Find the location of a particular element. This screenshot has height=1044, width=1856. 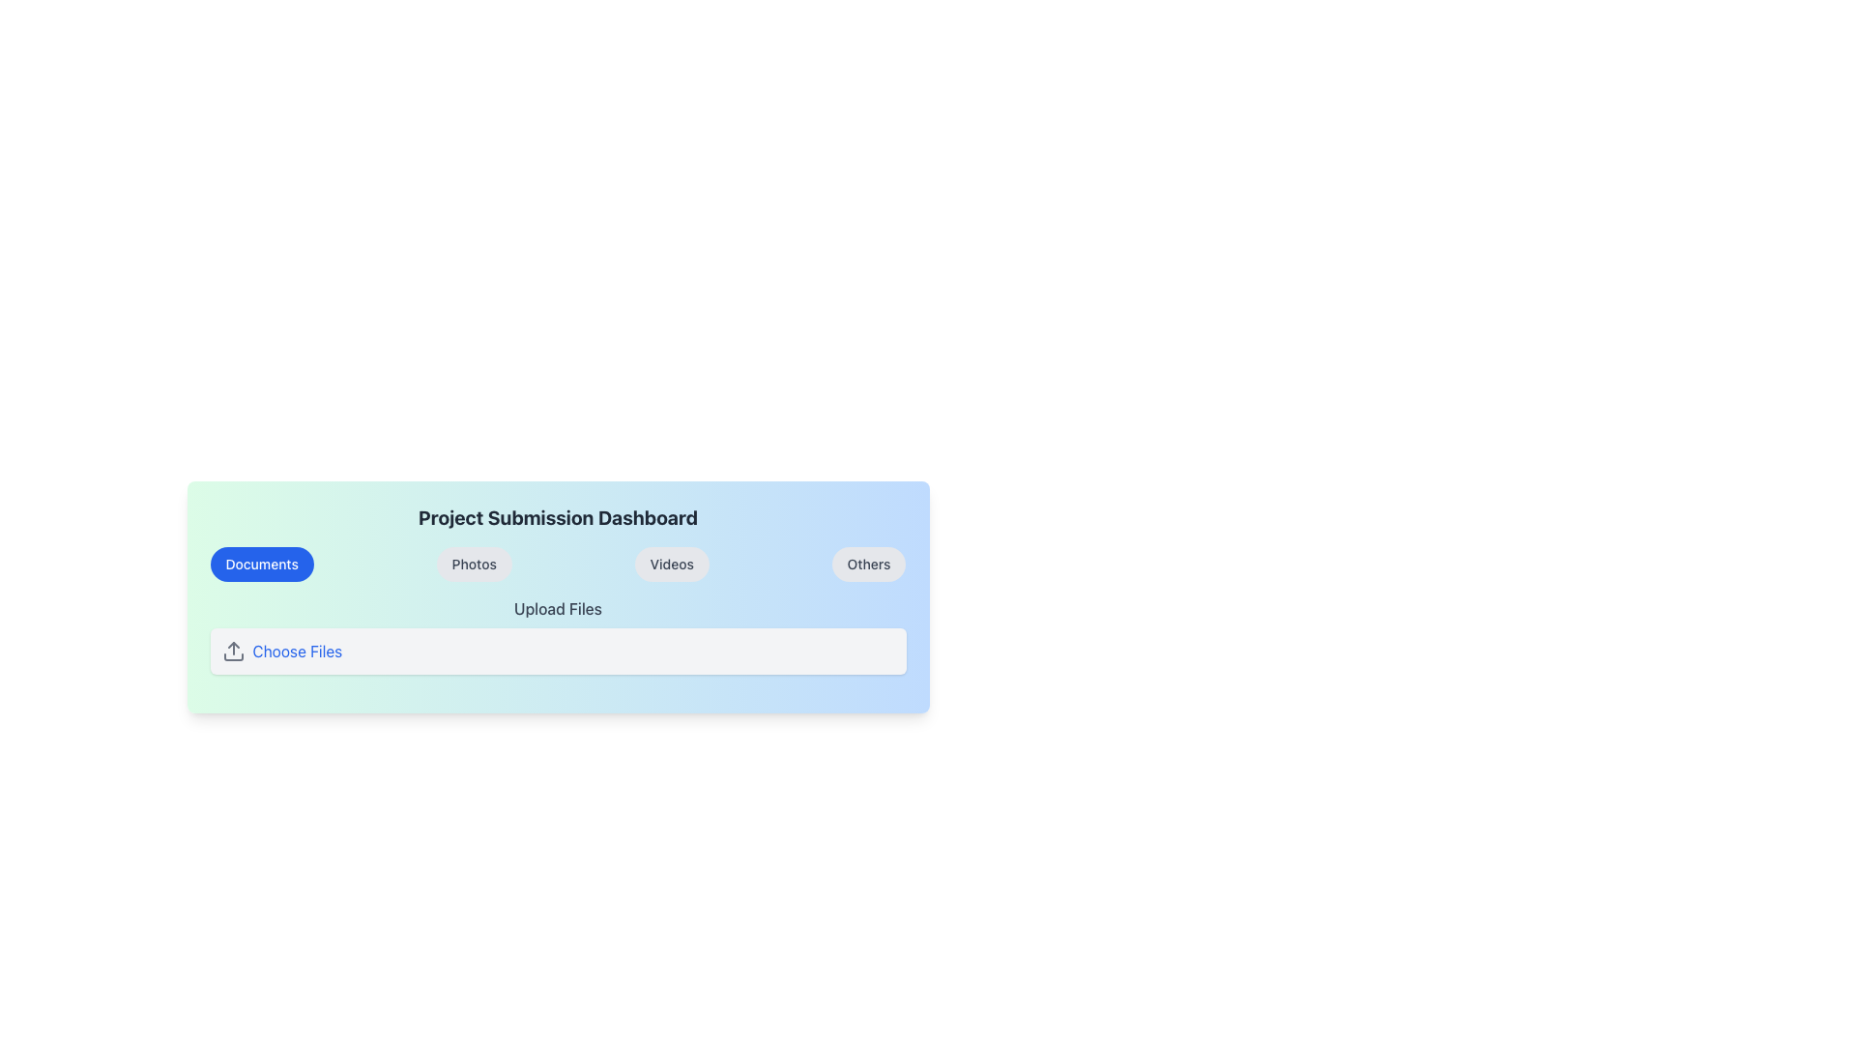

the 'Others' button in the navigation bar, which has a light gray background and medium gray text is located at coordinates (867, 564).